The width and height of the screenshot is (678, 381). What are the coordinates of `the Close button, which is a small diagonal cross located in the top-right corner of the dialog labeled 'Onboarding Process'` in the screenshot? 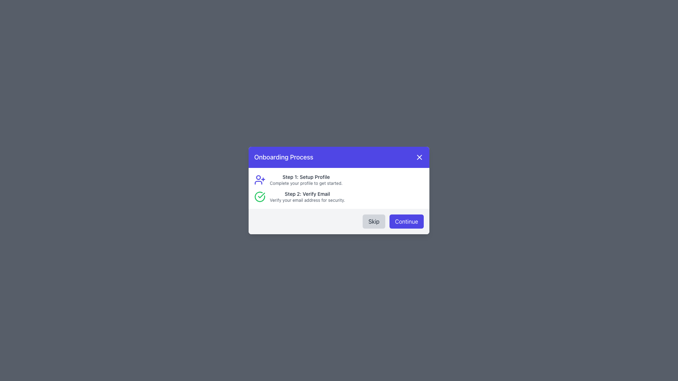 It's located at (420, 157).